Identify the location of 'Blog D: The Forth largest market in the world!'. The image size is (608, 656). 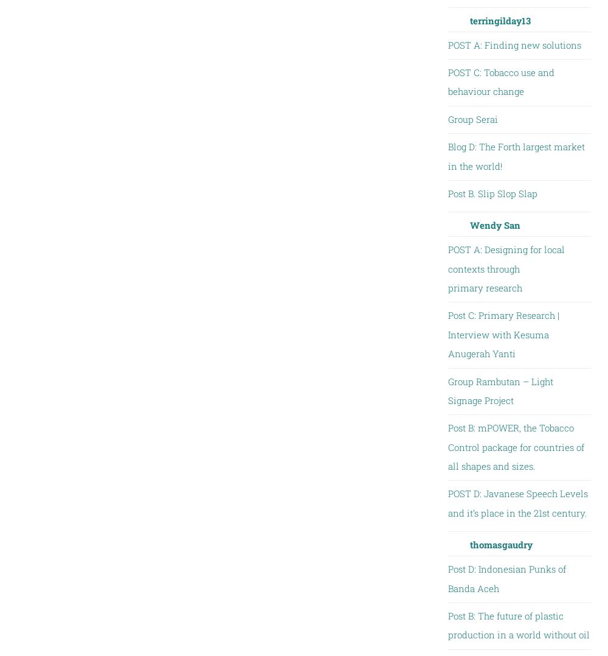
(515, 155).